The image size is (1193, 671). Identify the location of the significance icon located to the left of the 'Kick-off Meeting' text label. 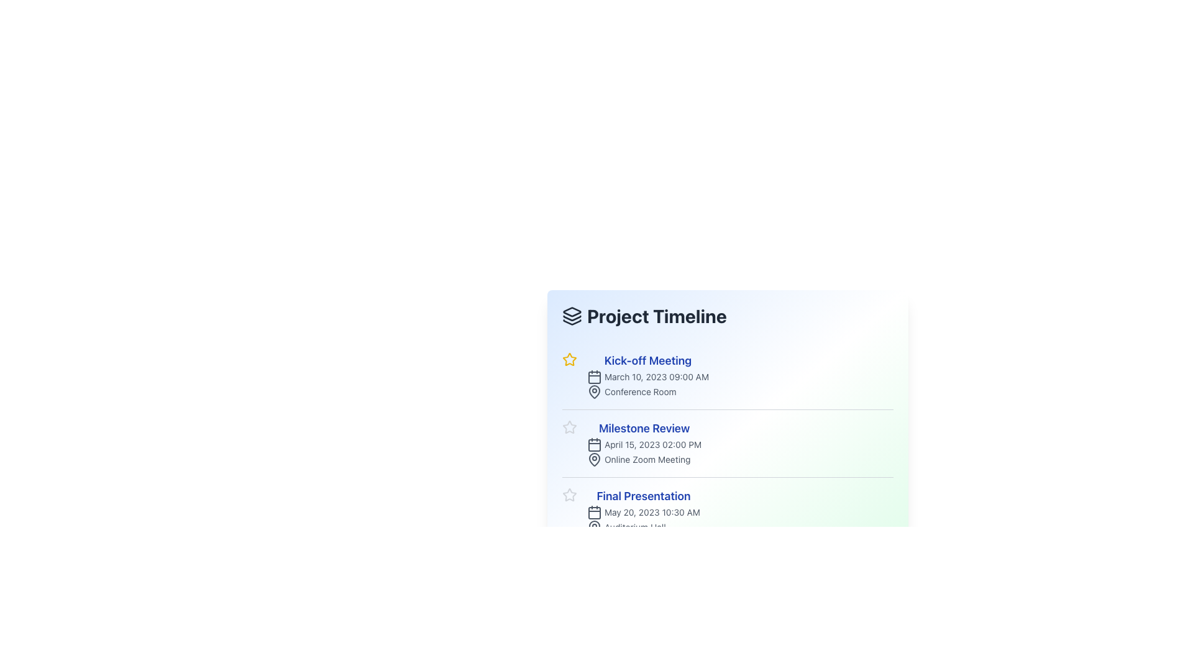
(569, 359).